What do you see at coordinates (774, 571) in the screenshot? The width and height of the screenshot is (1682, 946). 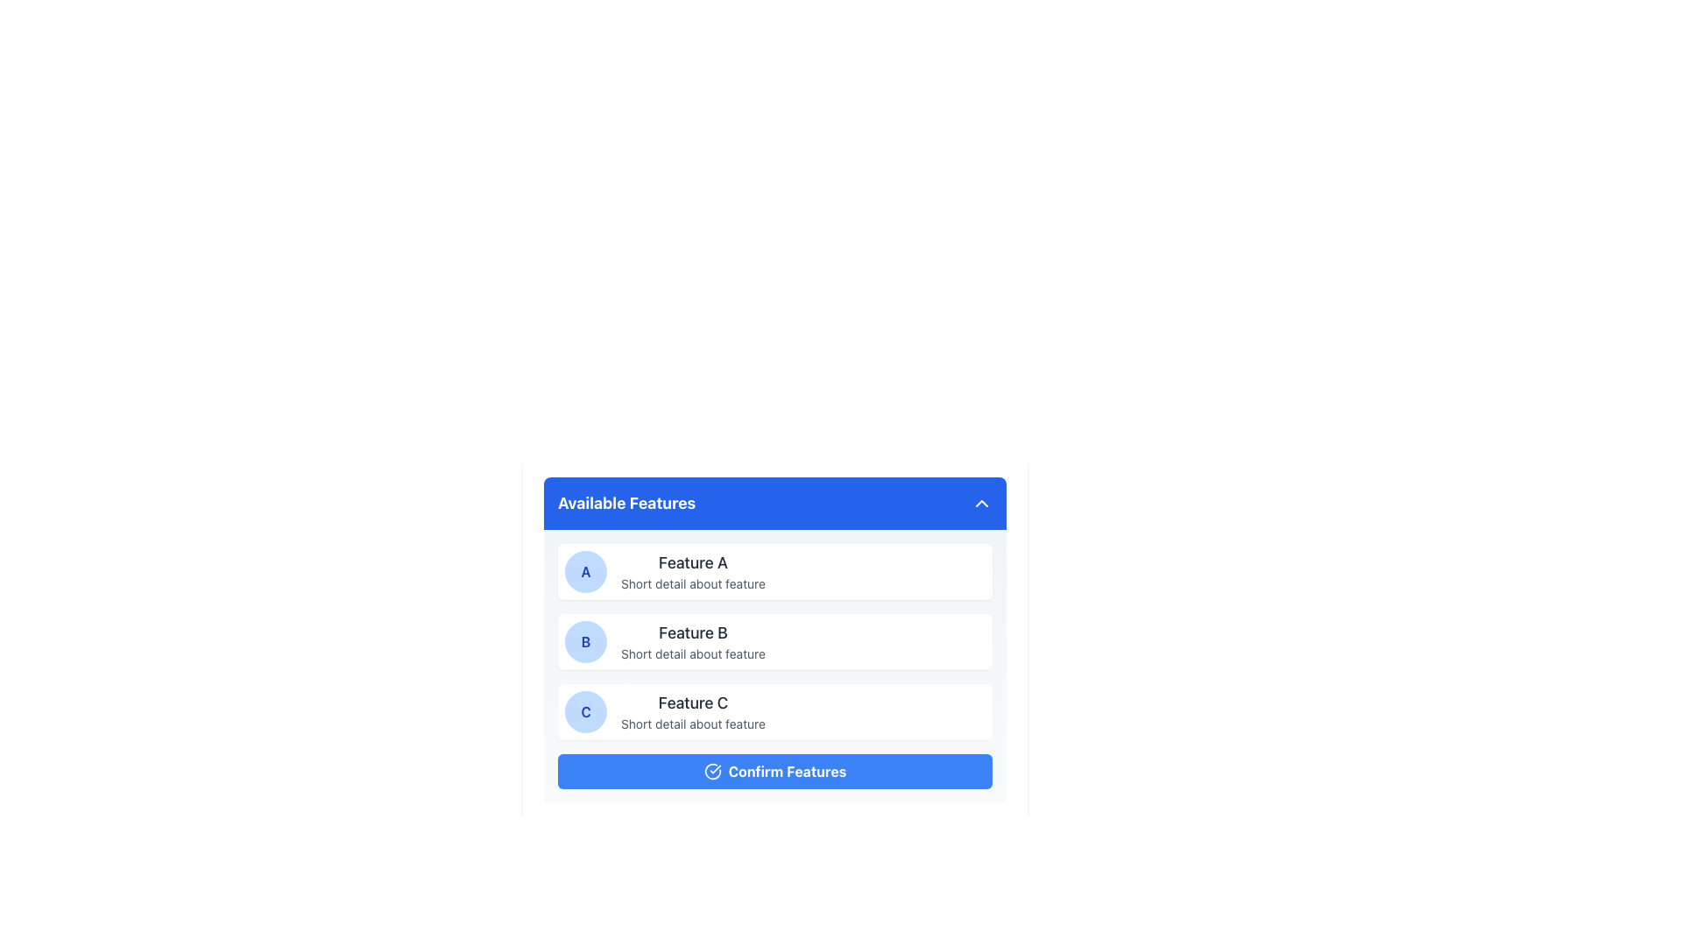 I see `the first Feature card in the vertical list, which contains a circular badge with the letter 'A' on a blue background, a title 'Feature A', and a subtitle 'Short detail about feature'` at bounding box center [774, 571].